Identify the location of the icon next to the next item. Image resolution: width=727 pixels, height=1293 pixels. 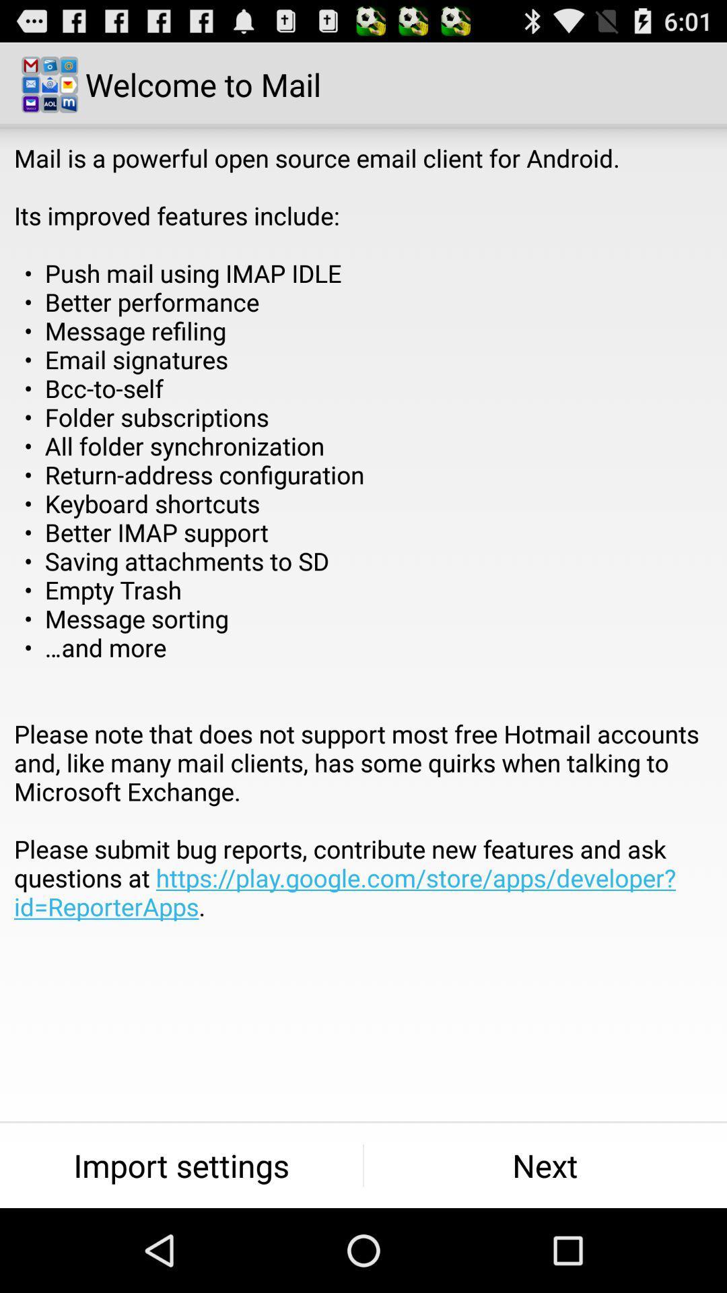
(180, 1165).